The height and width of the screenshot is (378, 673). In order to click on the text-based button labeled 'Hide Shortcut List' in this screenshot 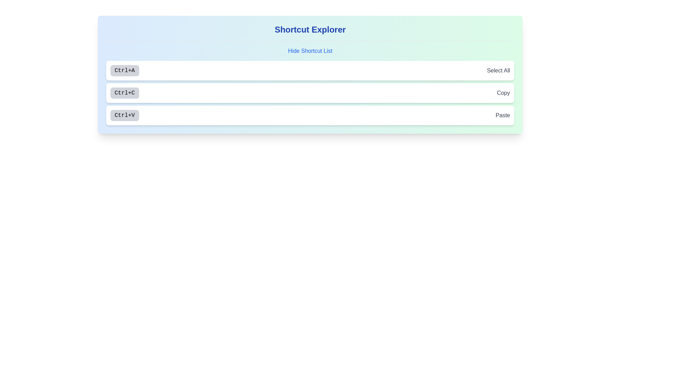, I will do `click(310, 51)`.